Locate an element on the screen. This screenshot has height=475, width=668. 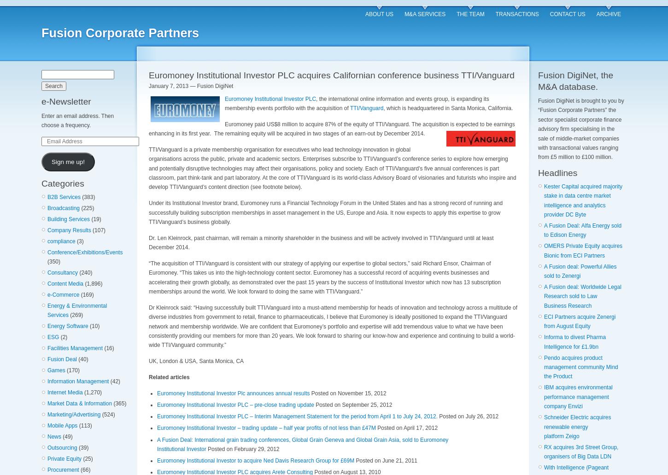
'(49)' is located at coordinates (66, 436).